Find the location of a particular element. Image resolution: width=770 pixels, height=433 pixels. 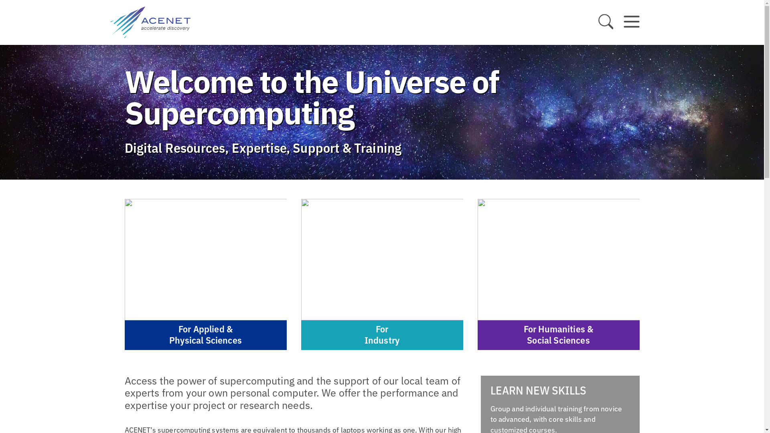

'For is located at coordinates (381, 274).